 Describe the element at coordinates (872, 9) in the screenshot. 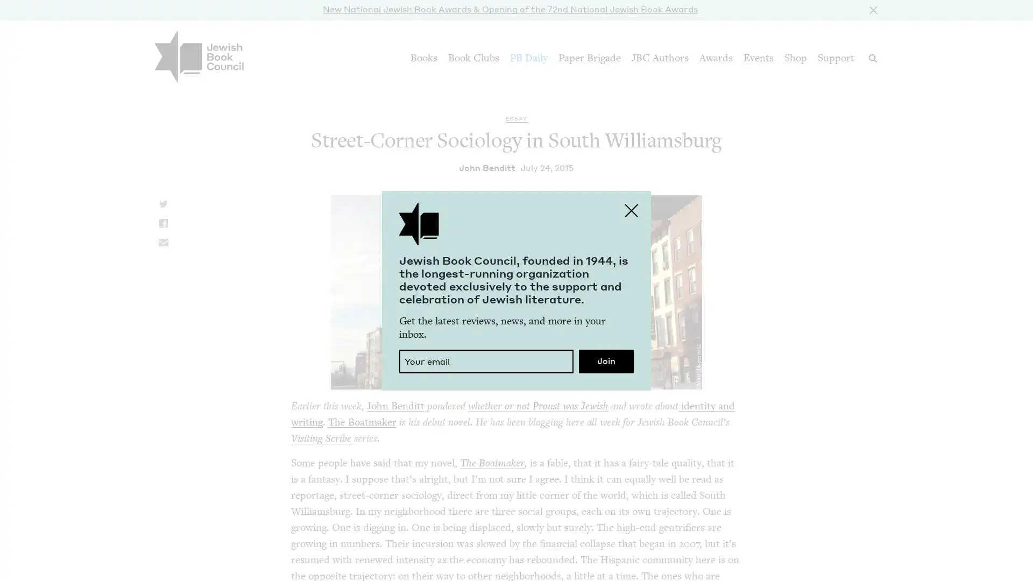

I see `Close` at that location.